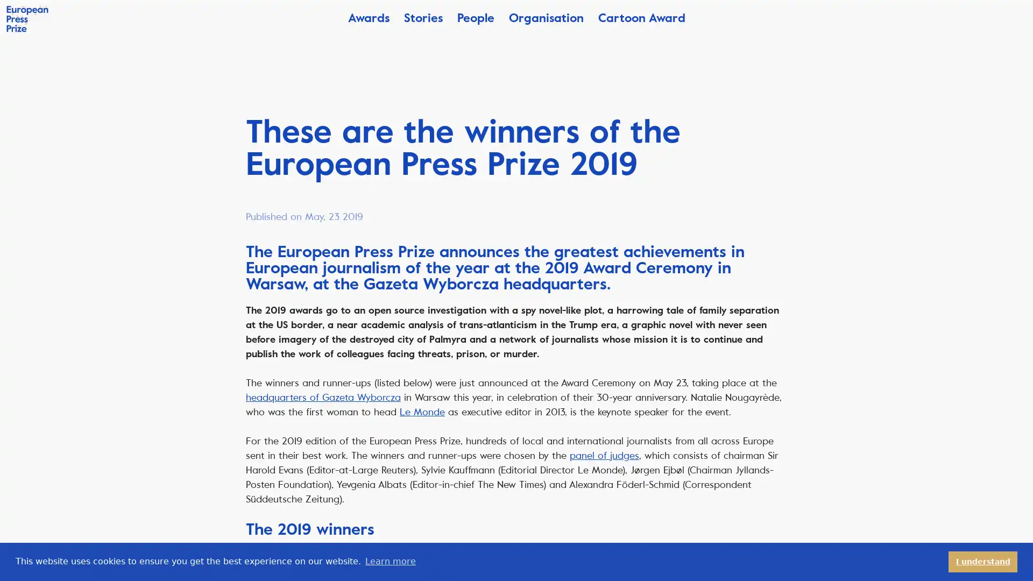 This screenshot has width=1033, height=581. Describe the element at coordinates (983, 561) in the screenshot. I see `dismiss cookie message` at that location.